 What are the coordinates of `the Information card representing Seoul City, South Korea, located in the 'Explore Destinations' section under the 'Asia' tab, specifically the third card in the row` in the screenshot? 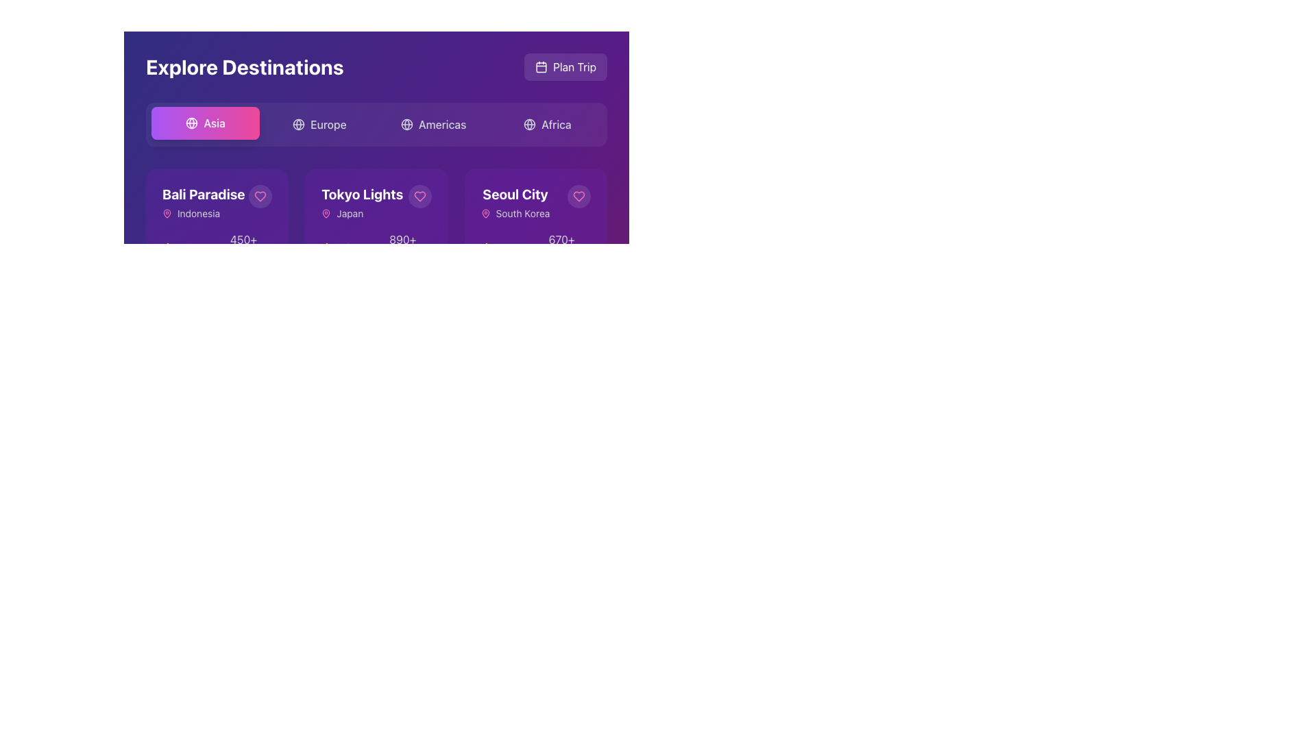 It's located at (535, 203).